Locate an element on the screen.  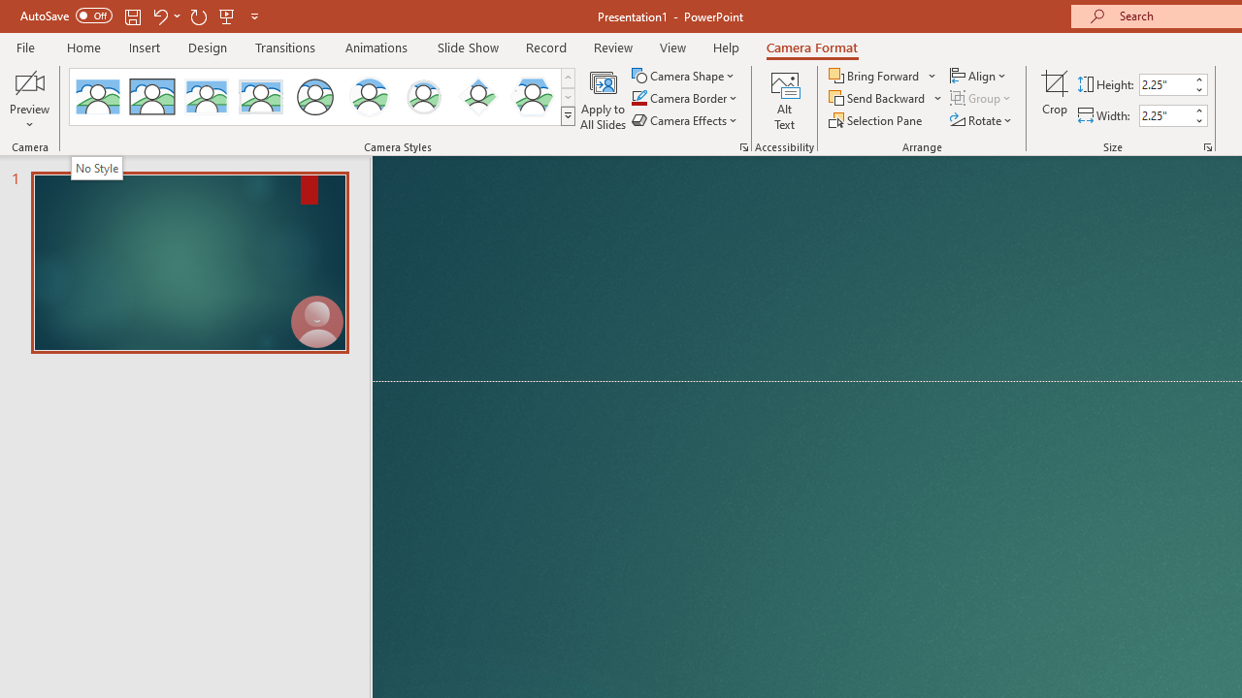
'No Style' is located at coordinates (95, 167).